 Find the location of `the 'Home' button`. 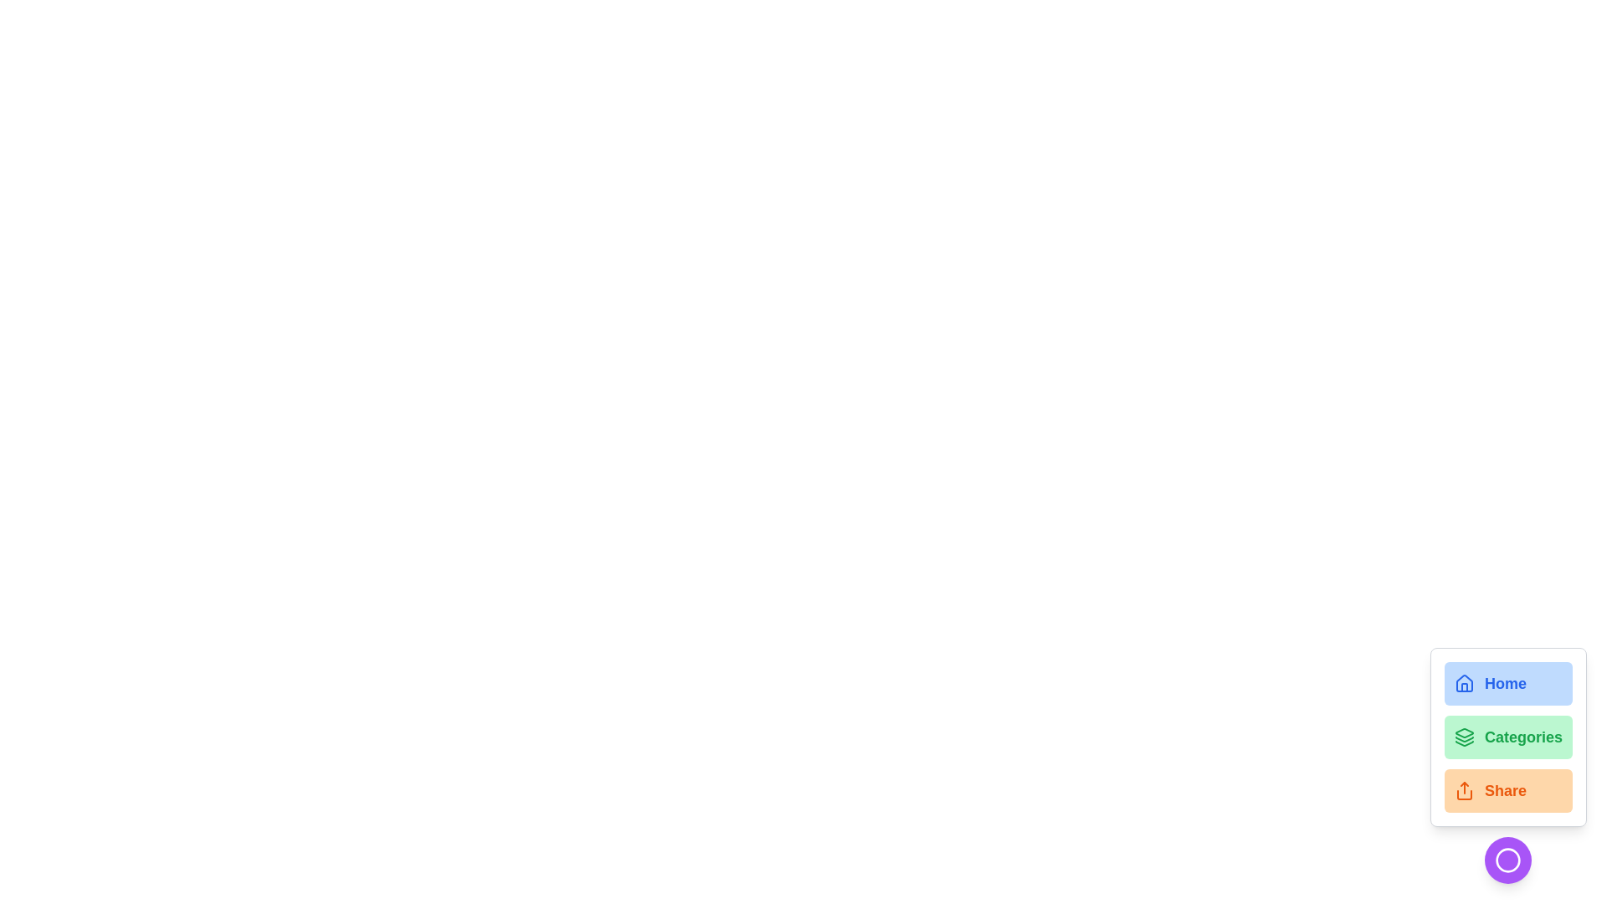

the 'Home' button is located at coordinates (1507, 684).